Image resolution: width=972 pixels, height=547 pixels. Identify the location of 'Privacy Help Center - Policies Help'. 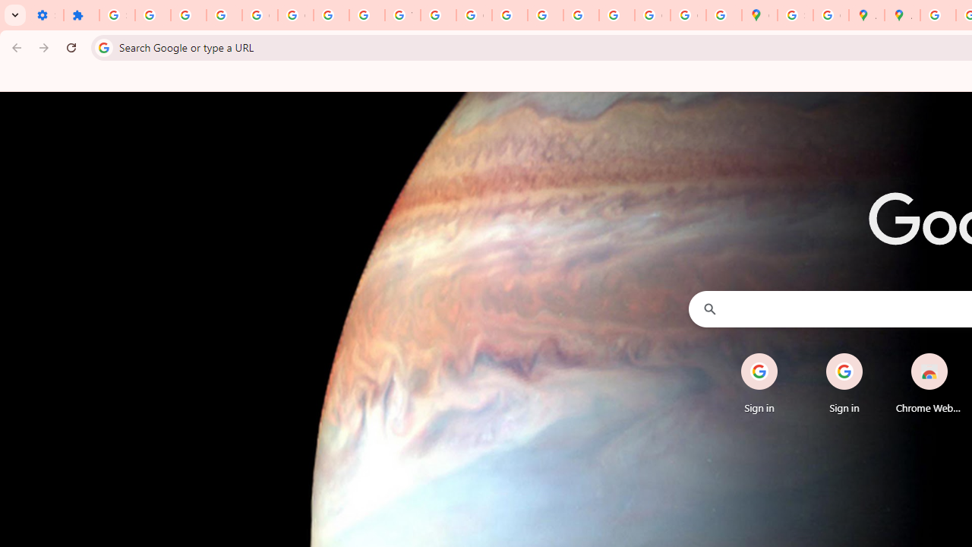
(510, 15).